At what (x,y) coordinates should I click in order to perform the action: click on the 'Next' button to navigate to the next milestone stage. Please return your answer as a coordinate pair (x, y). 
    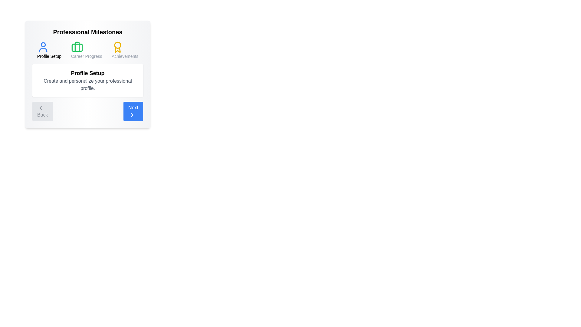
    Looking at the image, I should click on (133, 111).